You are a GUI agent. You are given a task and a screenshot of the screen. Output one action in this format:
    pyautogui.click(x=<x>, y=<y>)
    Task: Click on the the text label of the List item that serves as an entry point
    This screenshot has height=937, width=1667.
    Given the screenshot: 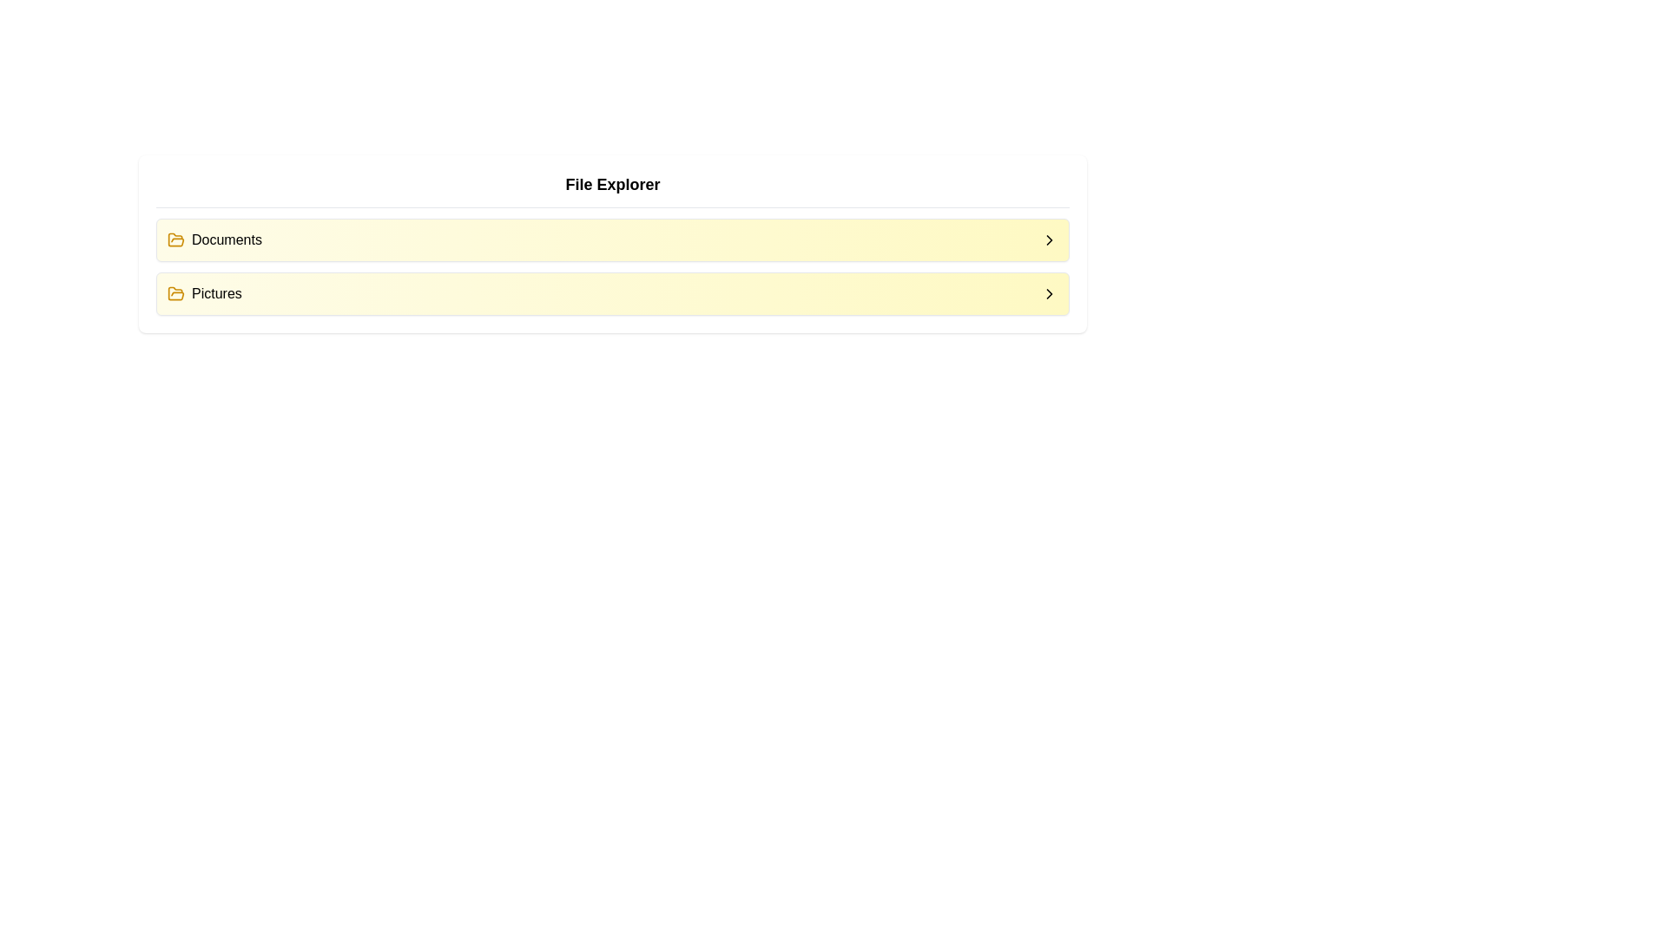 What is the action you would take?
    pyautogui.click(x=214, y=240)
    